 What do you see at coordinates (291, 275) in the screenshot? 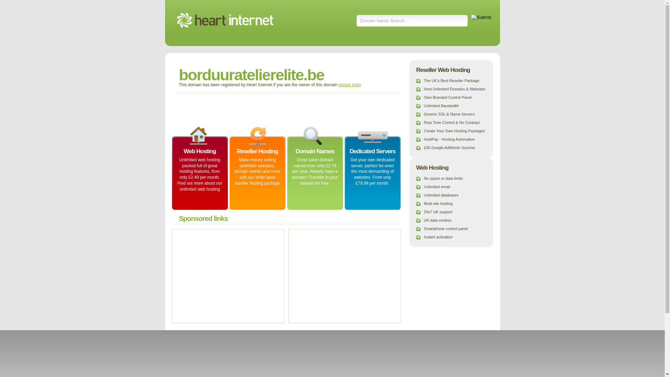
I see `'Advertisement'` at bounding box center [291, 275].